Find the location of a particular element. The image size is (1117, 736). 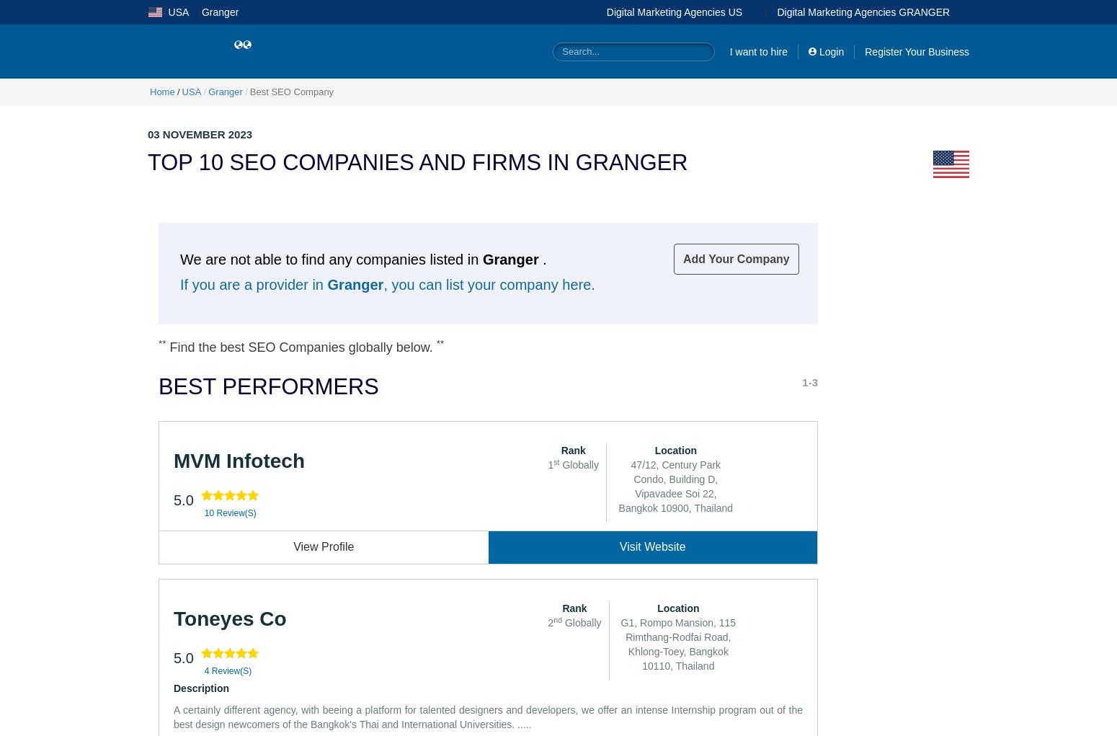

'Toneyes Co' is located at coordinates (174, 618).